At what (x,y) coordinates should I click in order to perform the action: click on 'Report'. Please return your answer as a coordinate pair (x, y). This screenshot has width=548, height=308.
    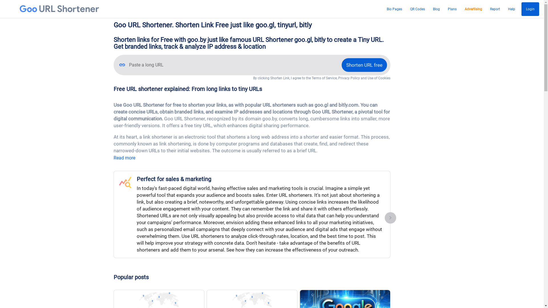
    Looking at the image, I should click on (495, 9).